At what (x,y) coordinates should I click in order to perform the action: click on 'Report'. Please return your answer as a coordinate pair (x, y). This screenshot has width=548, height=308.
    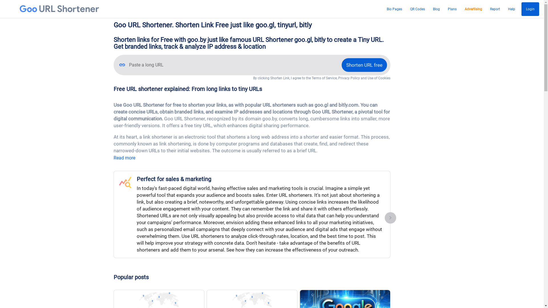
    Looking at the image, I should click on (495, 9).